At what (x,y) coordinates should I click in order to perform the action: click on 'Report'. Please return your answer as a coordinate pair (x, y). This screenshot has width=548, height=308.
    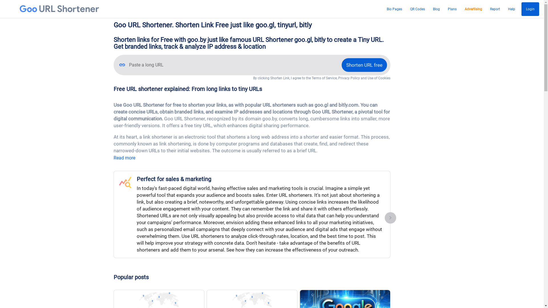
    Looking at the image, I should click on (495, 9).